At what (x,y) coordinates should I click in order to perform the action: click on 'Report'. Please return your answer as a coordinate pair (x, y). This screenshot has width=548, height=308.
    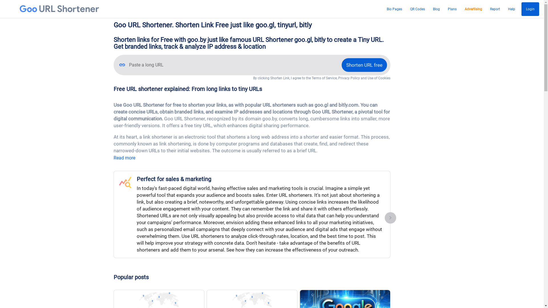
    Looking at the image, I should click on (495, 9).